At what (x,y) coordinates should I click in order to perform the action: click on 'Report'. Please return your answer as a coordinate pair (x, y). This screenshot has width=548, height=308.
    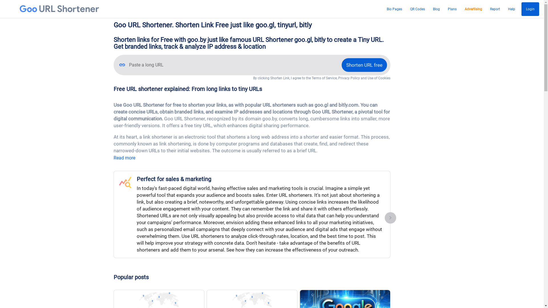
    Looking at the image, I should click on (495, 9).